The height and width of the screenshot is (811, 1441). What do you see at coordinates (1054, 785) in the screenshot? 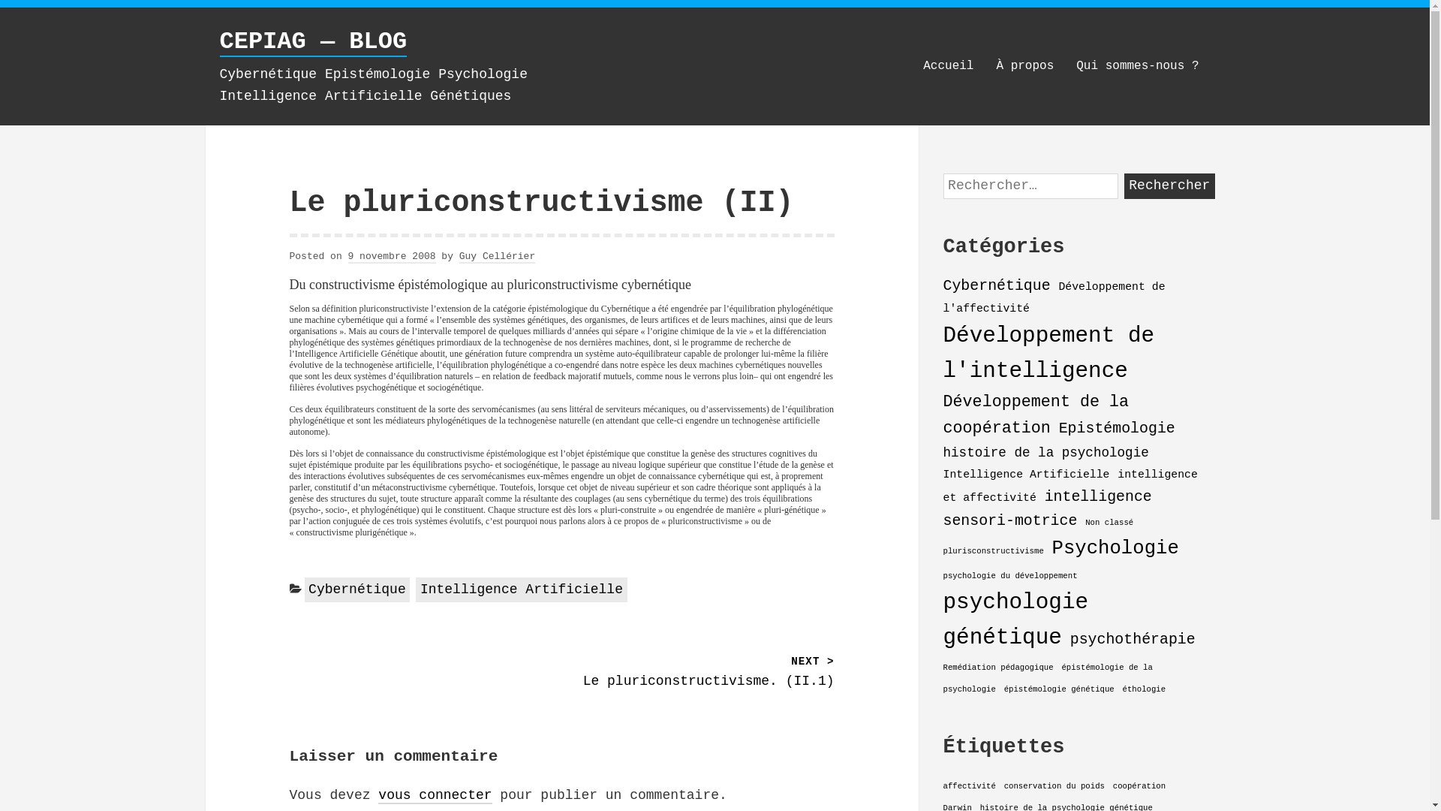
I see `'conservation du poids'` at bounding box center [1054, 785].